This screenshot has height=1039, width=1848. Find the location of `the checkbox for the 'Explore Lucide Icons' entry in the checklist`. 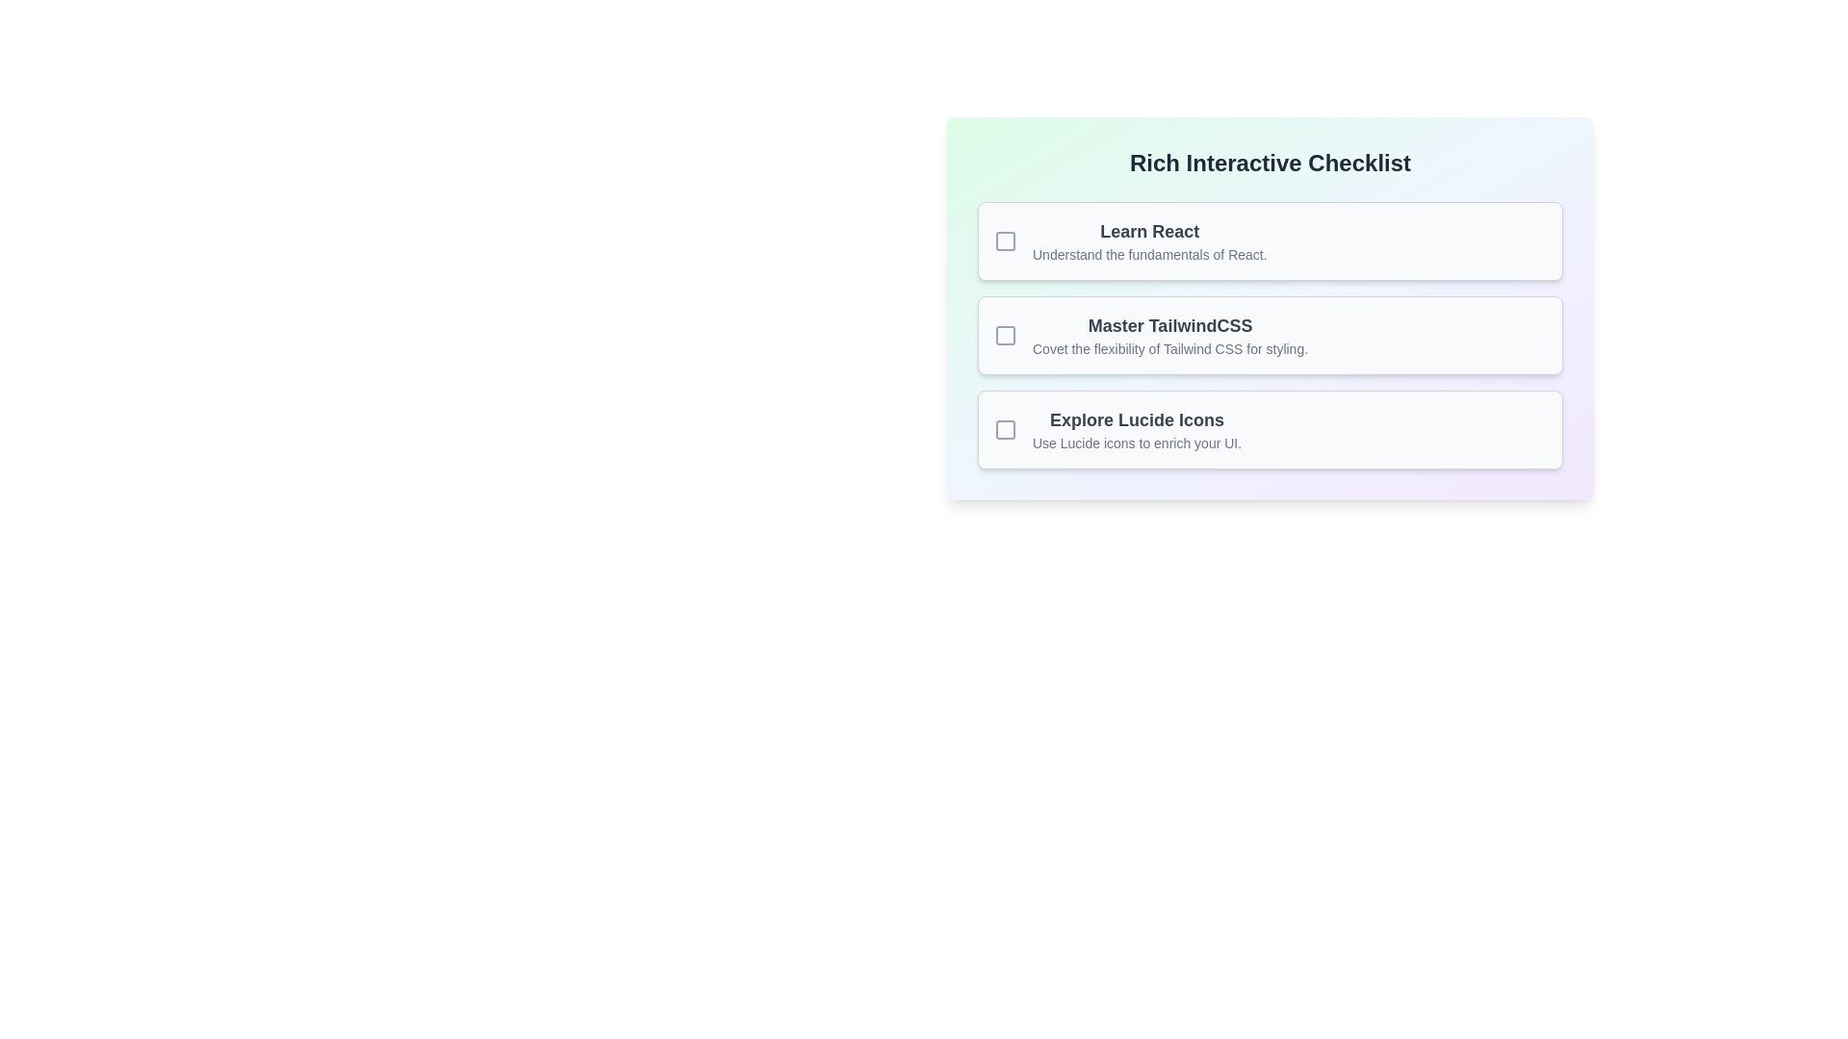

the checkbox for the 'Explore Lucide Icons' entry in the checklist is located at coordinates (1005, 429).